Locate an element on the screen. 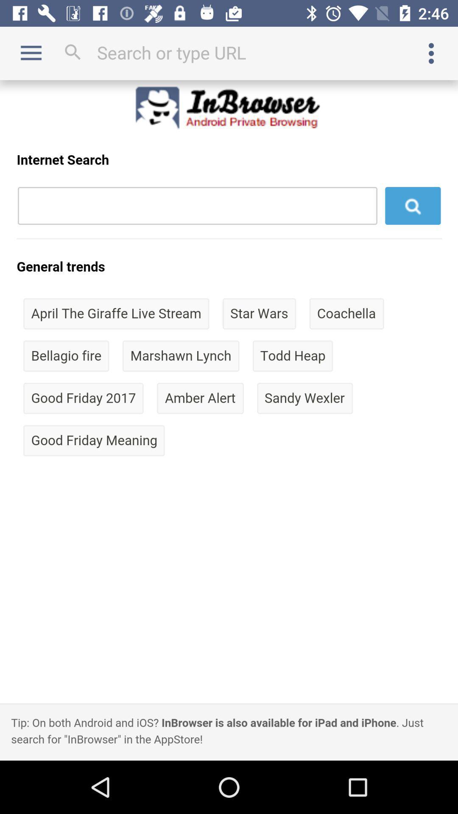  see more info is located at coordinates (431, 53).